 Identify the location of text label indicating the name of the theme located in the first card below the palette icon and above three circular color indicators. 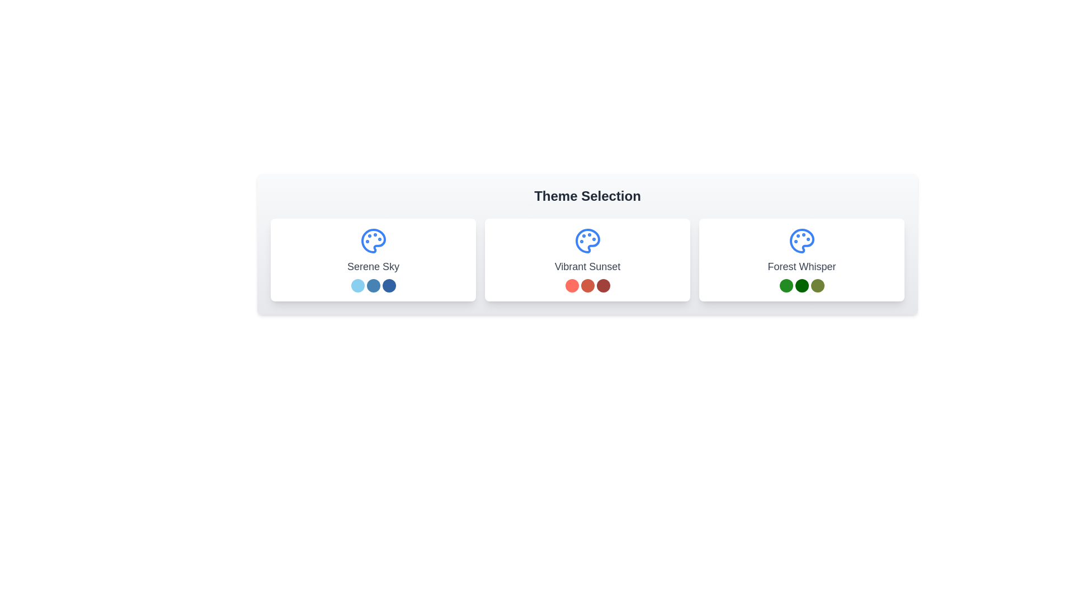
(373, 267).